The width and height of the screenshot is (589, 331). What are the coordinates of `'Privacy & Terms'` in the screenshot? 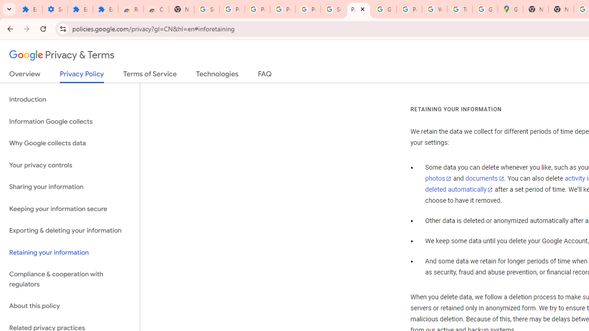 It's located at (62, 55).